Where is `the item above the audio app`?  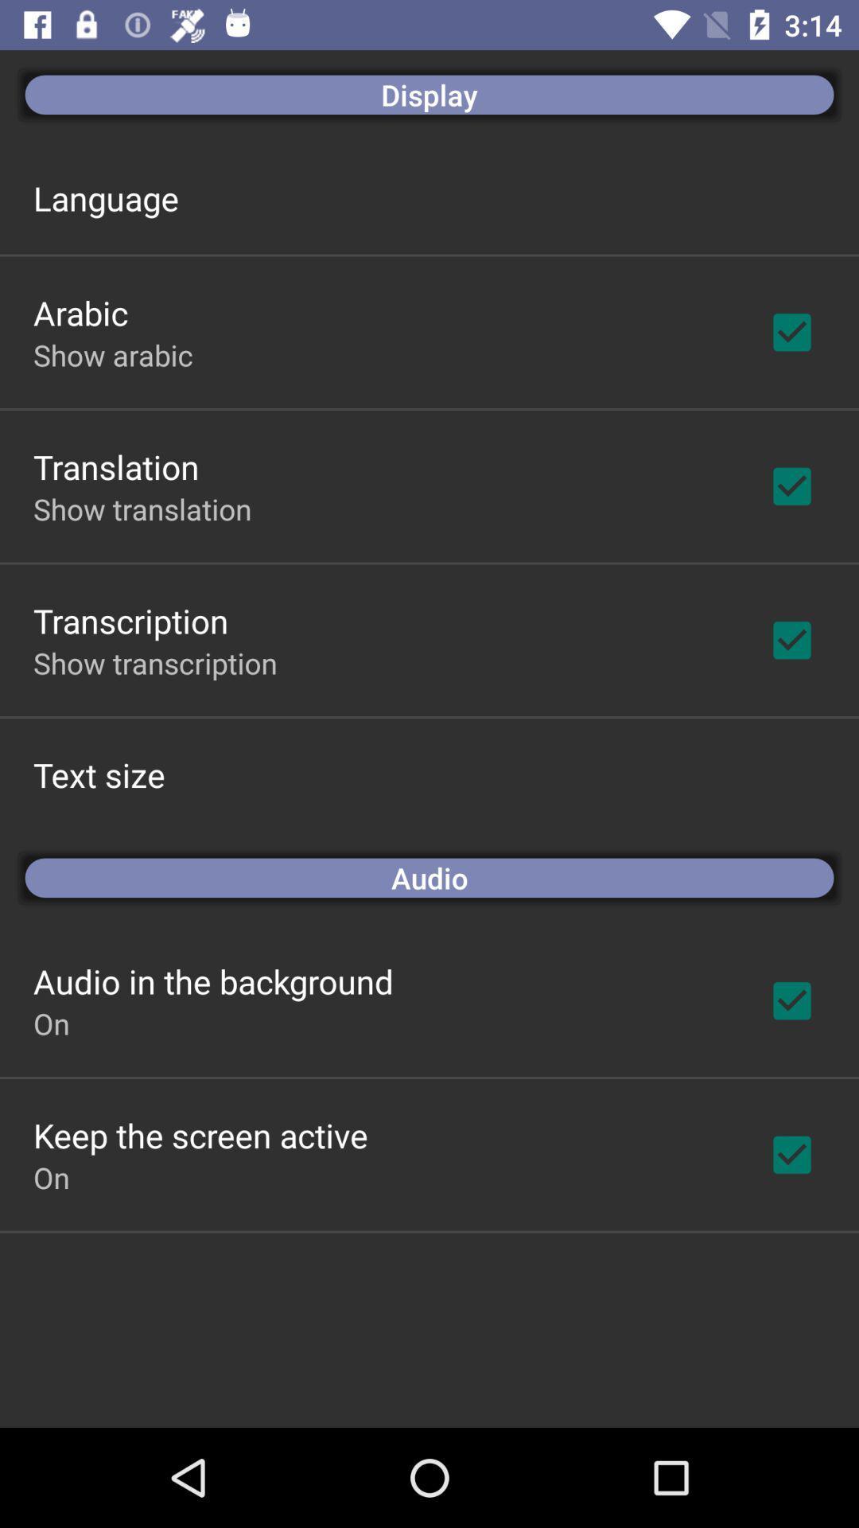
the item above the audio app is located at coordinates (99, 774).